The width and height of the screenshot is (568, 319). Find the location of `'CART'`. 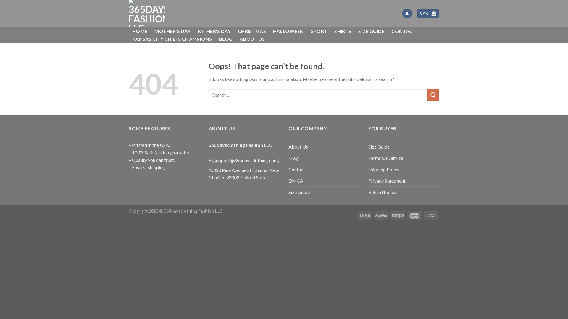

'CART' is located at coordinates (428, 13).